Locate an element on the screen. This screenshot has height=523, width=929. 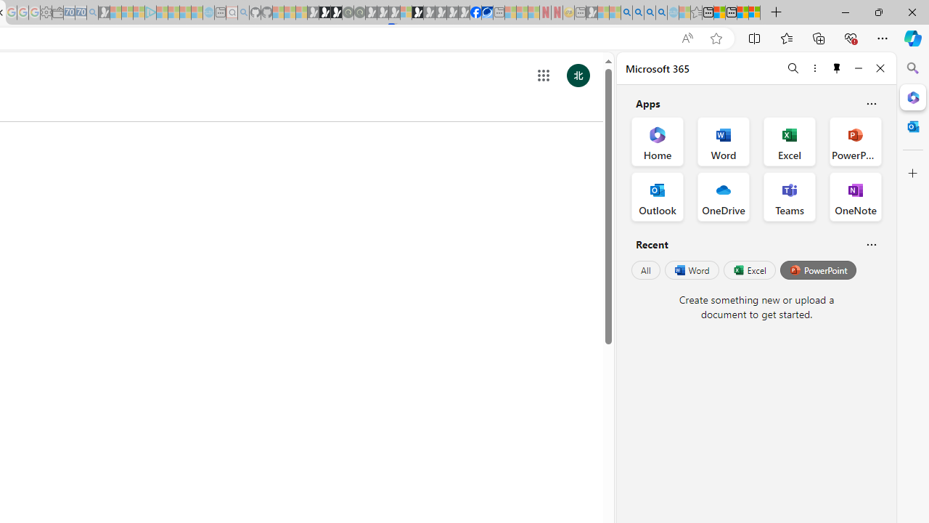
'MSN - Sleeping' is located at coordinates (592, 12).